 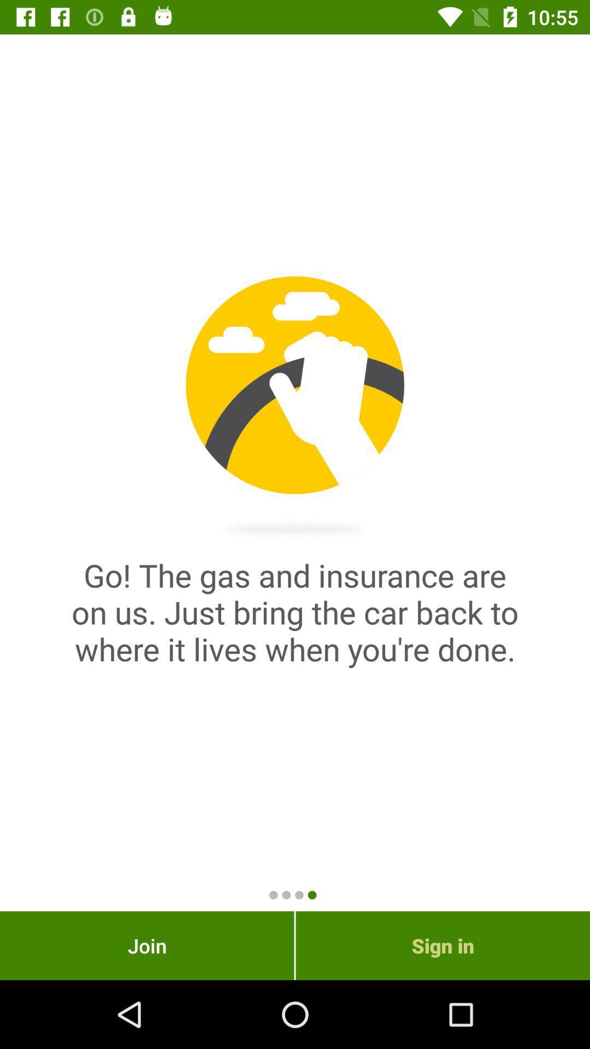 I want to click on the join icon, so click(x=146, y=945).